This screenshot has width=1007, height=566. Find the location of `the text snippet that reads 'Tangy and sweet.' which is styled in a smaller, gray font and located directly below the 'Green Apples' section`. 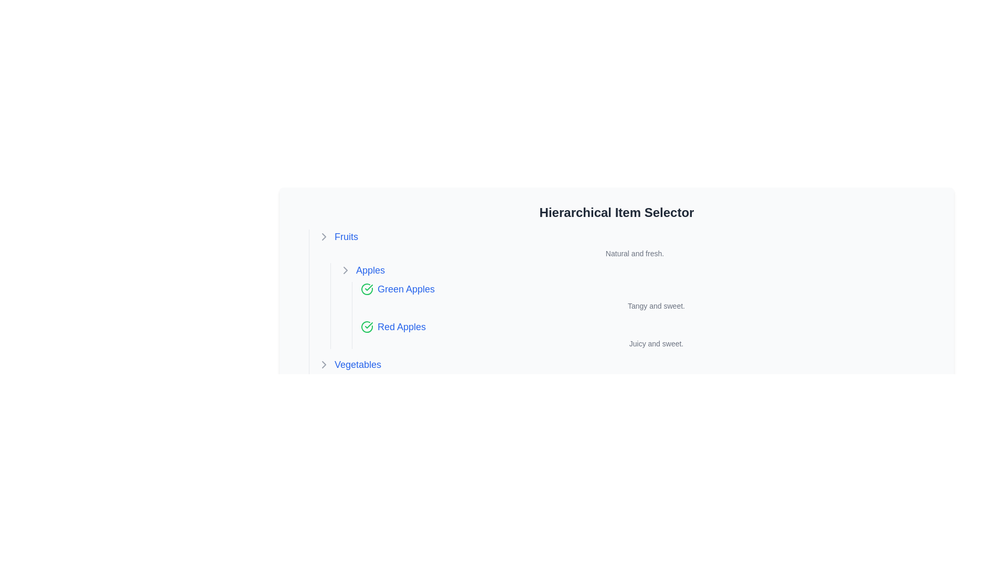

the text snippet that reads 'Tangy and sweet.' which is styled in a smaller, gray font and located directly below the 'Green Apples' section is located at coordinates (648, 306).